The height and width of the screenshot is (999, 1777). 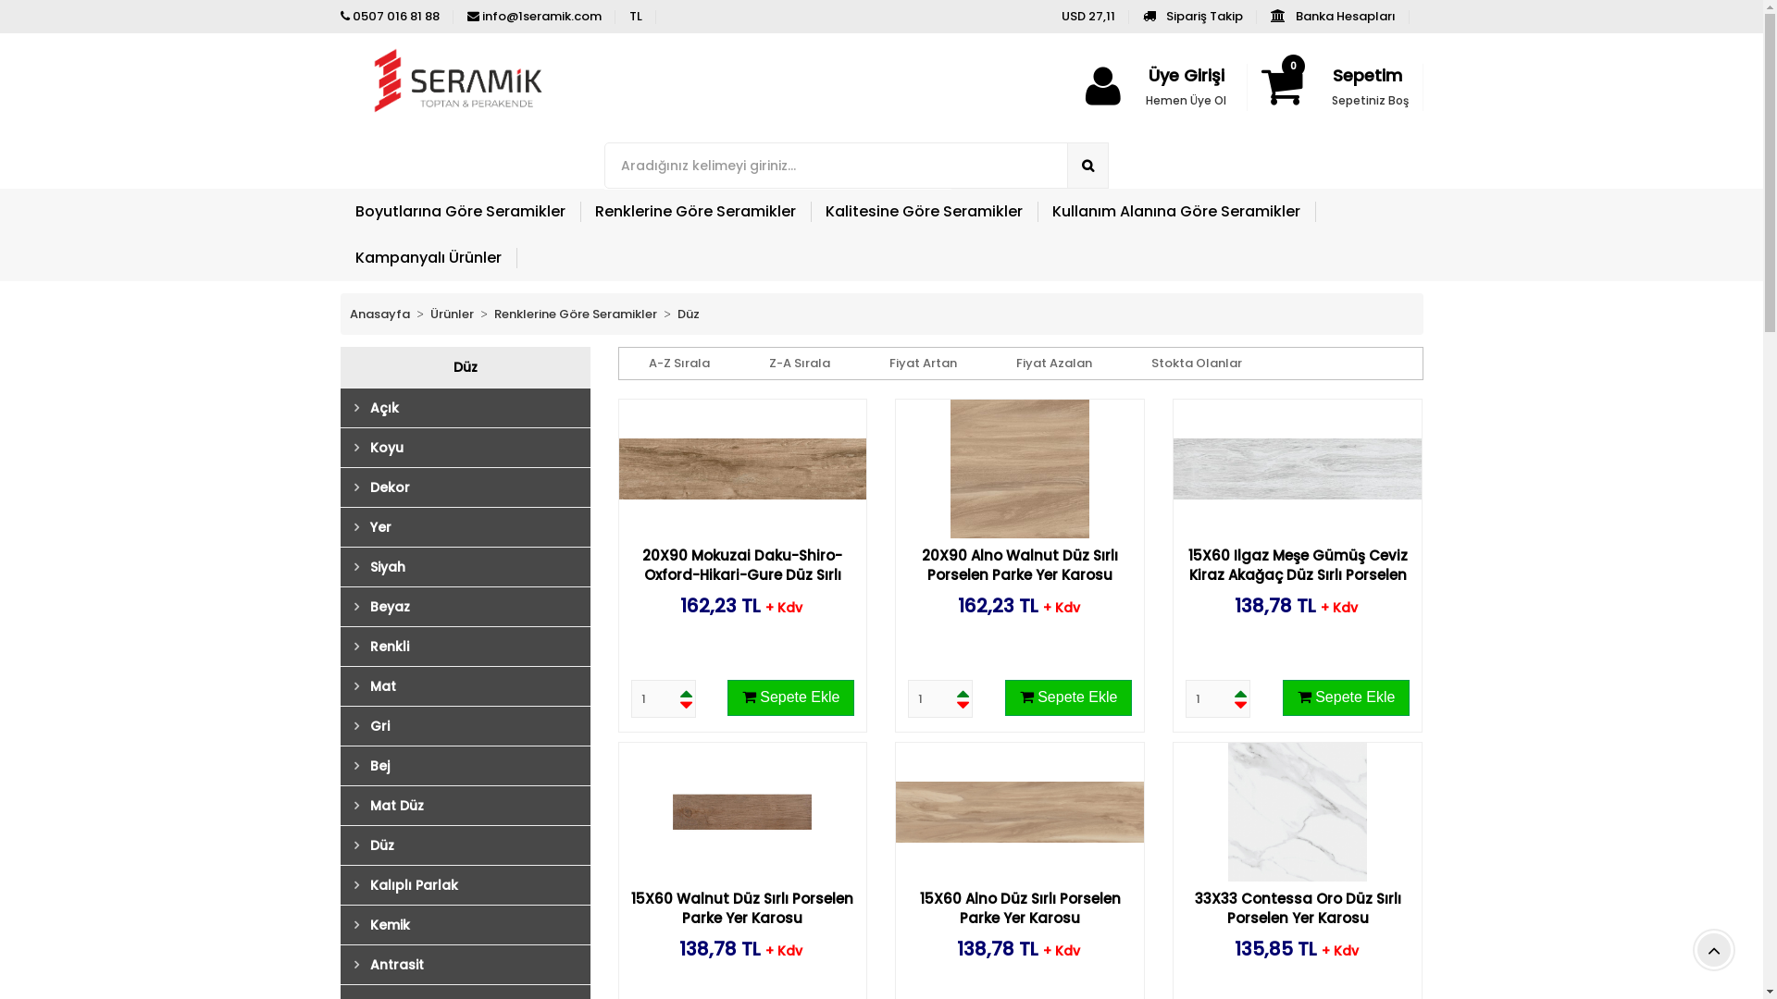 What do you see at coordinates (635, 17) in the screenshot?
I see `'TL'` at bounding box center [635, 17].